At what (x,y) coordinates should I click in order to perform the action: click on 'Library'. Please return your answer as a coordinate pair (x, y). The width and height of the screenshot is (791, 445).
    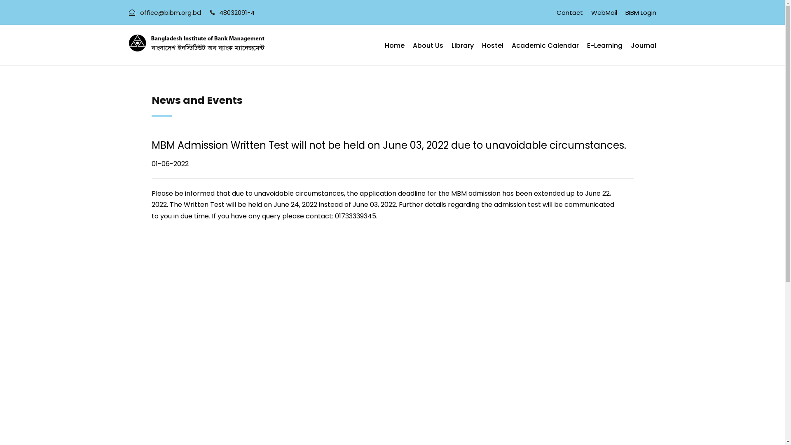
    Looking at the image, I should click on (463, 52).